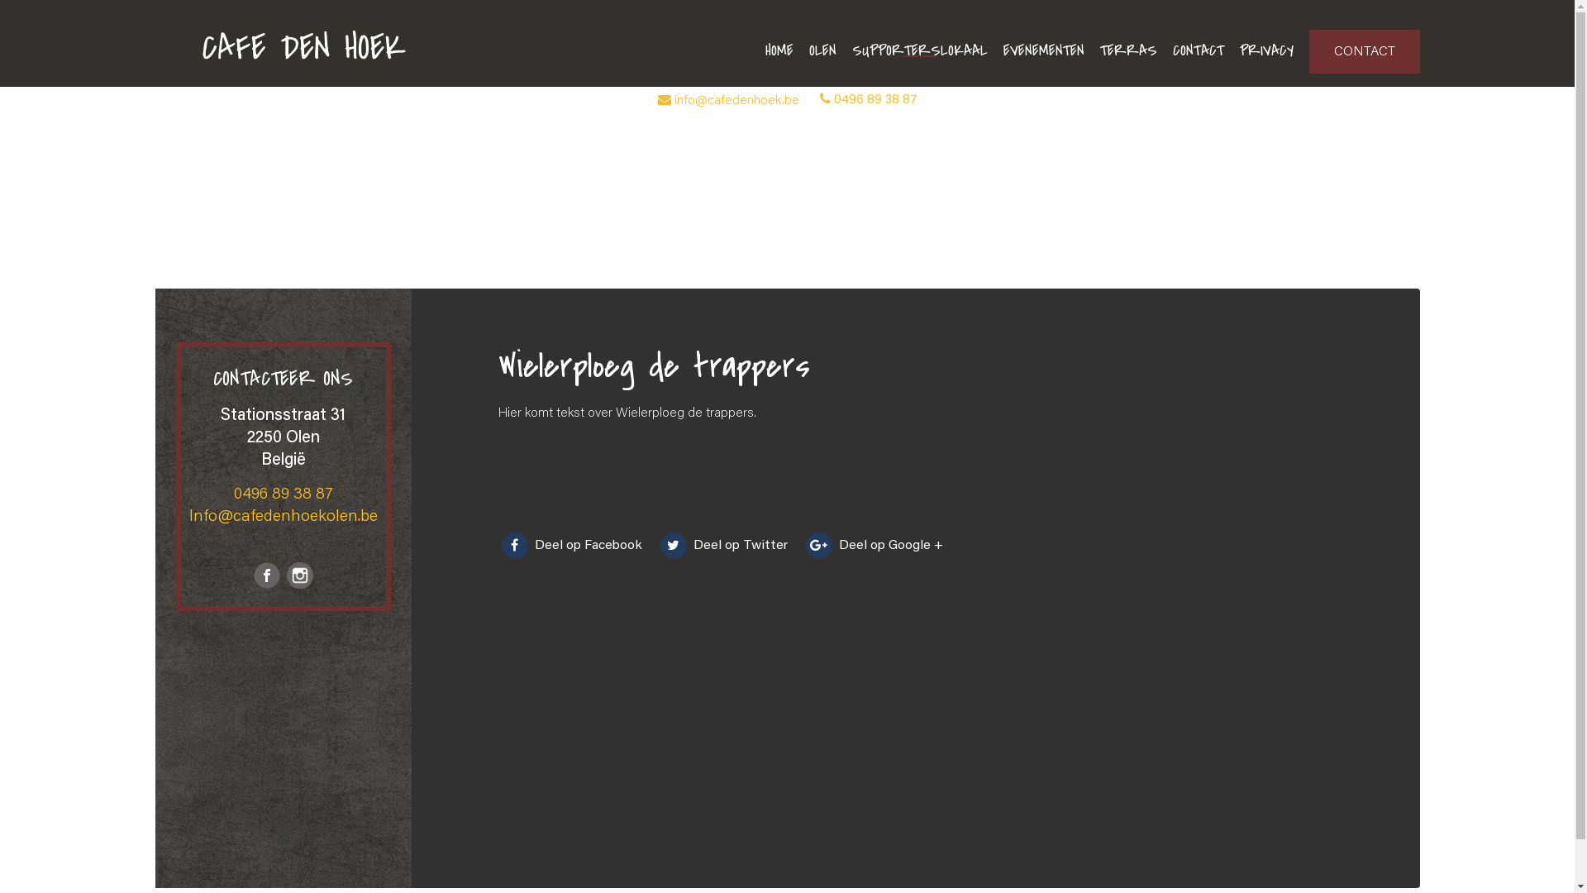 This screenshot has width=1587, height=893. Describe the element at coordinates (1042, 50) in the screenshot. I see `'EVENEMENTEN'` at that location.